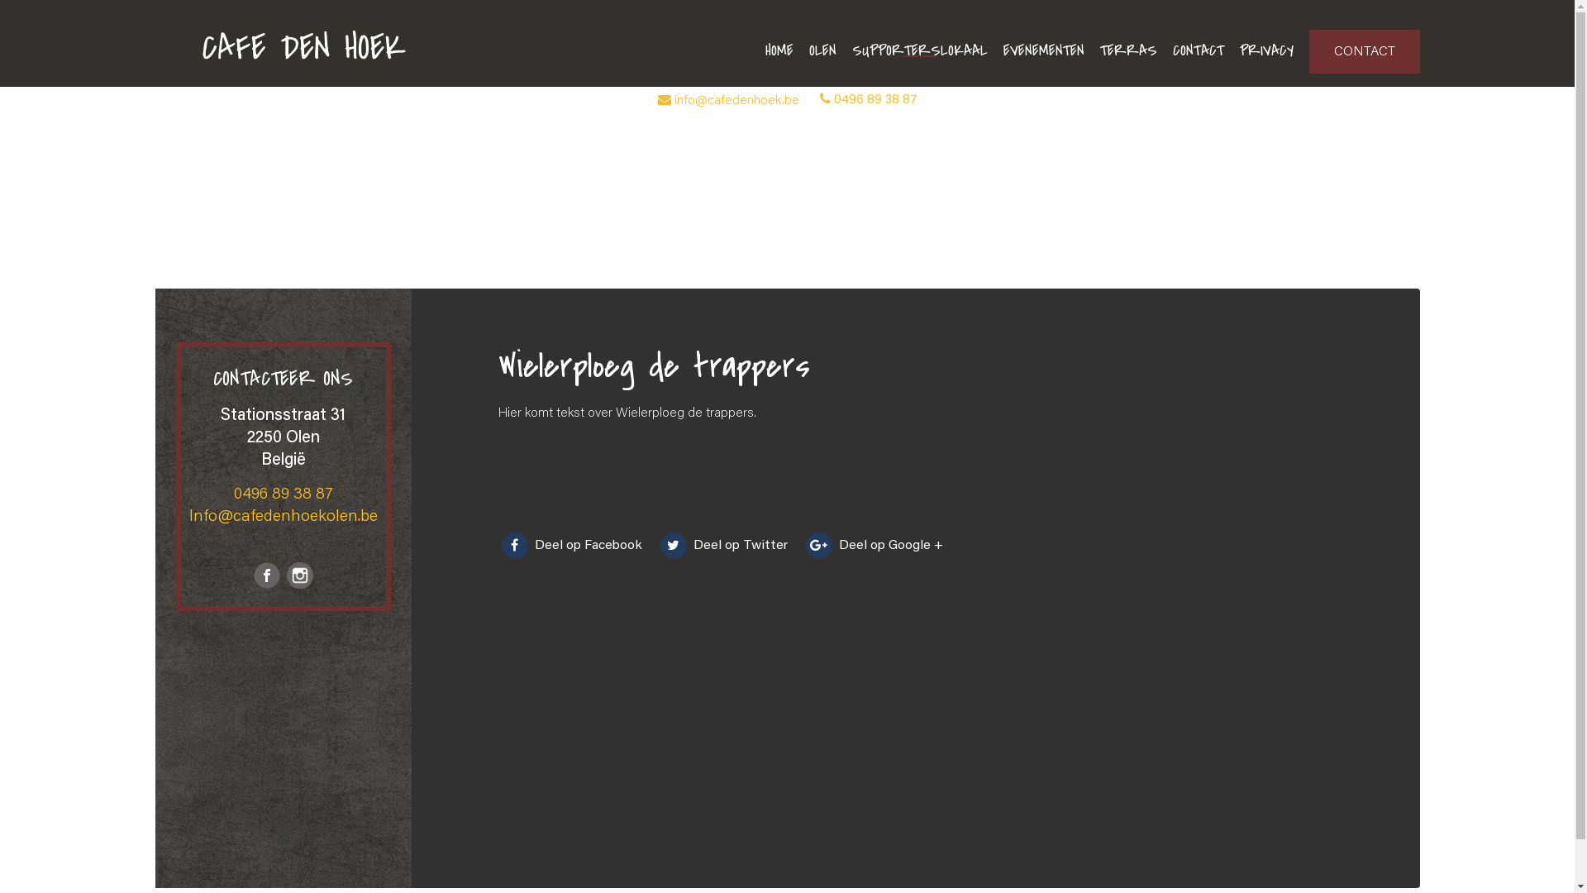 This screenshot has width=1587, height=893. Describe the element at coordinates (1042, 50) in the screenshot. I see `'EVENEMENTEN'` at that location.